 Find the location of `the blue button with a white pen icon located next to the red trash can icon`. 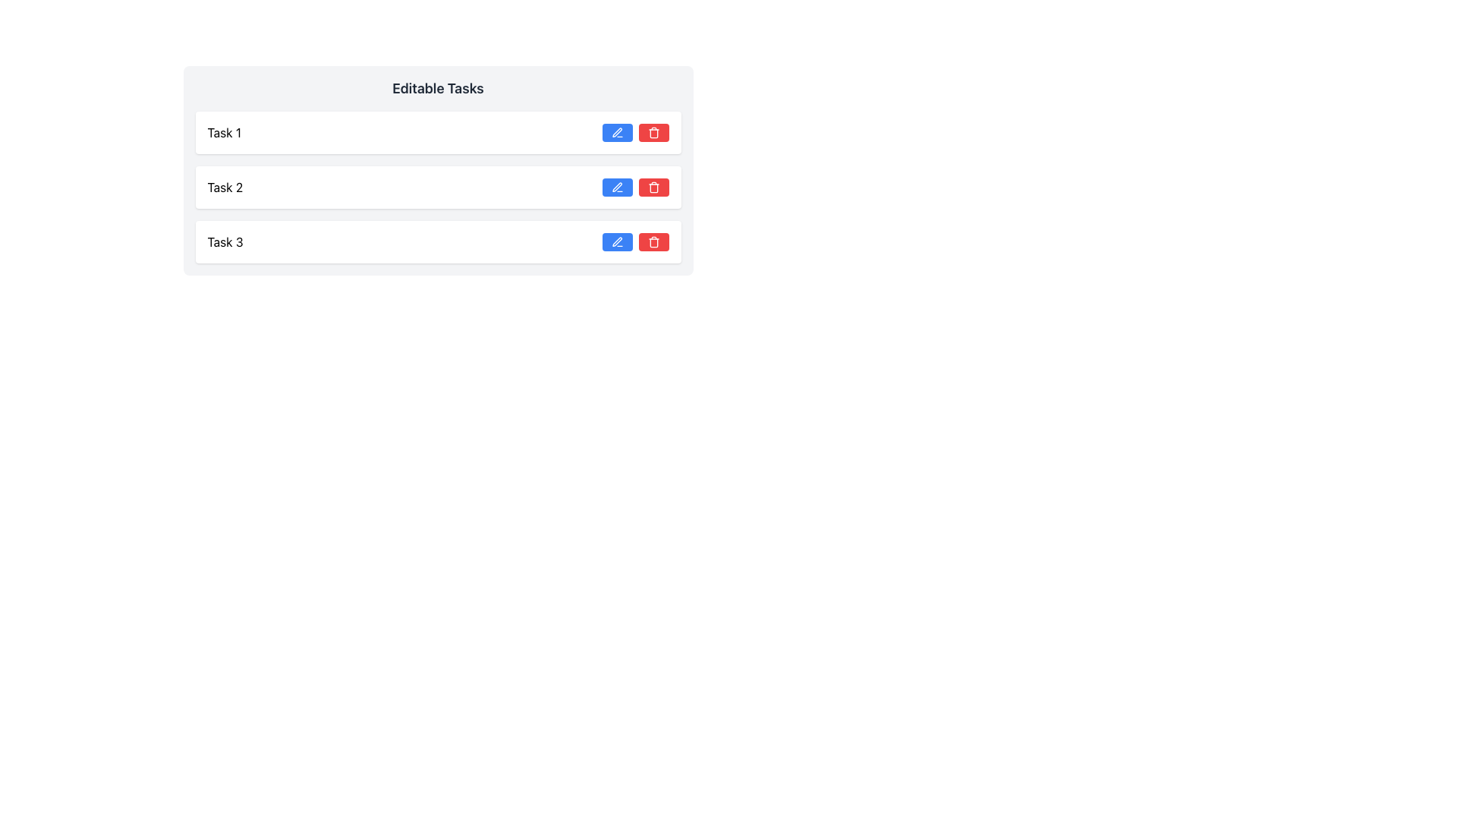

the blue button with a white pen icon located next to the red trash can icon is located at coordinates (617, 186).